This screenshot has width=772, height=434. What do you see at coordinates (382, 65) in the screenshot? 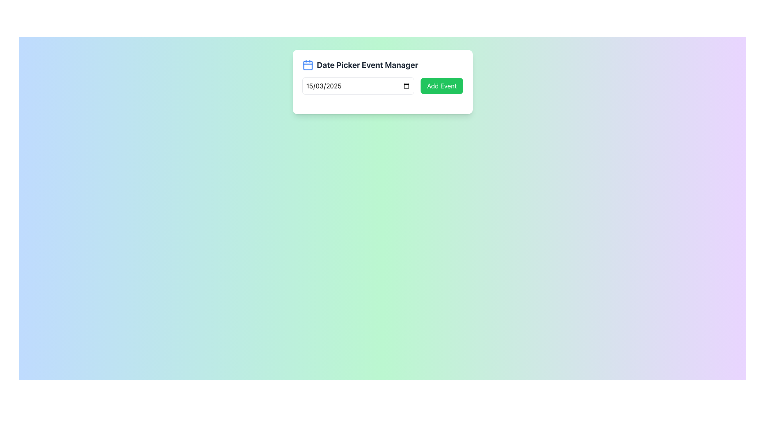
I see `the header text element labeled 'Date Picker Event Manager' with a blue calendar icon on the left` at bounding box center [382, 65].